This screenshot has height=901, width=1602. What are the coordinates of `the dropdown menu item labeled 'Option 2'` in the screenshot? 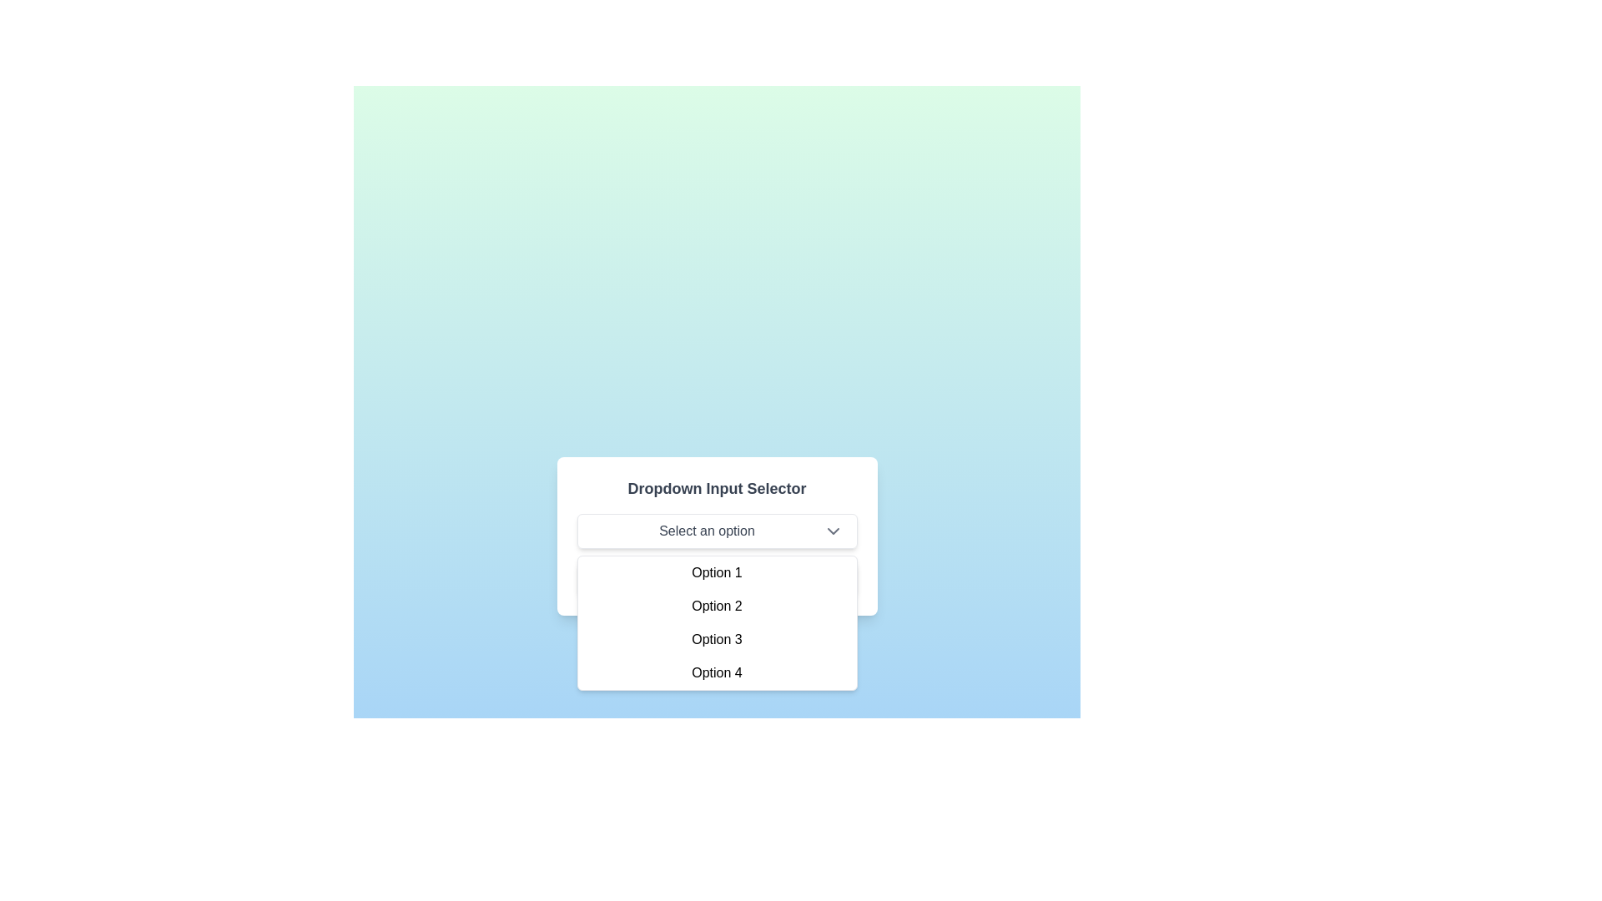 It's located at (717, 606).